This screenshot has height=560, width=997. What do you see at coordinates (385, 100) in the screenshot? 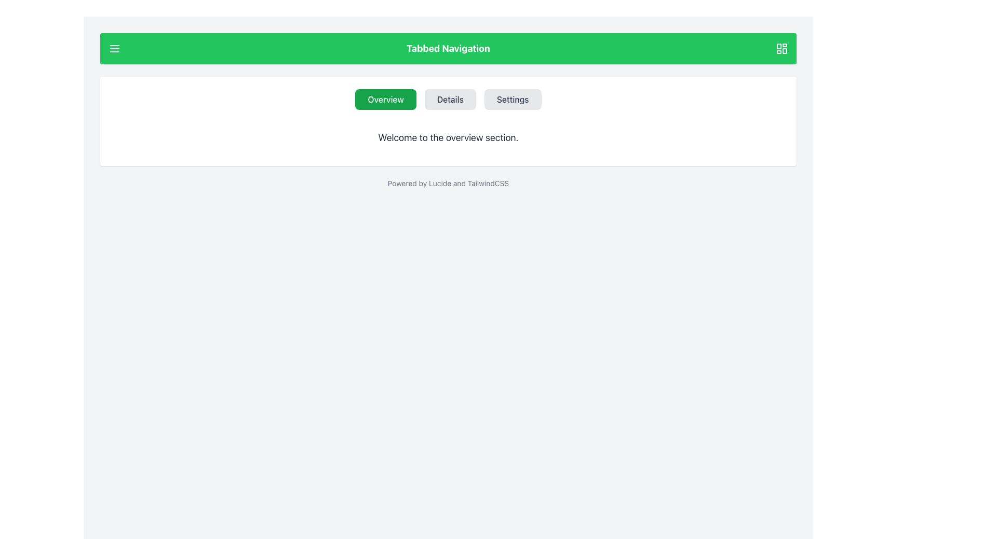
I see `the 'Overview' navigation button, which is the leftmost option in the horizontal navigation bar, to trigger the hover effect` at bounding box center [385, 100].